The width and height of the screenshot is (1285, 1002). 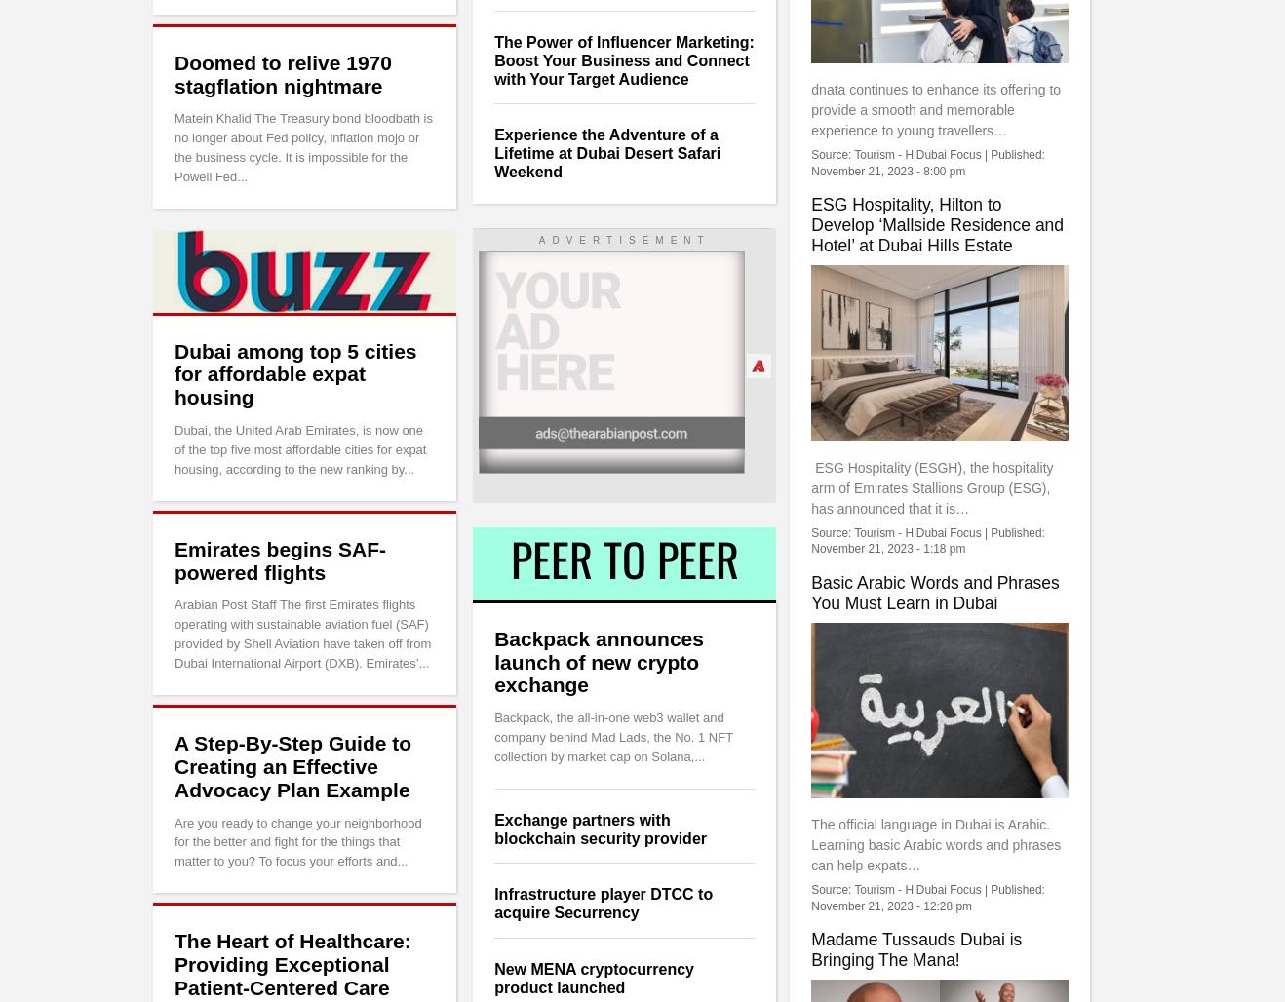 I want to click on 'Basic Arabic Words and Phrases You Must Learn in Dubai', so click(x=933, y=591).